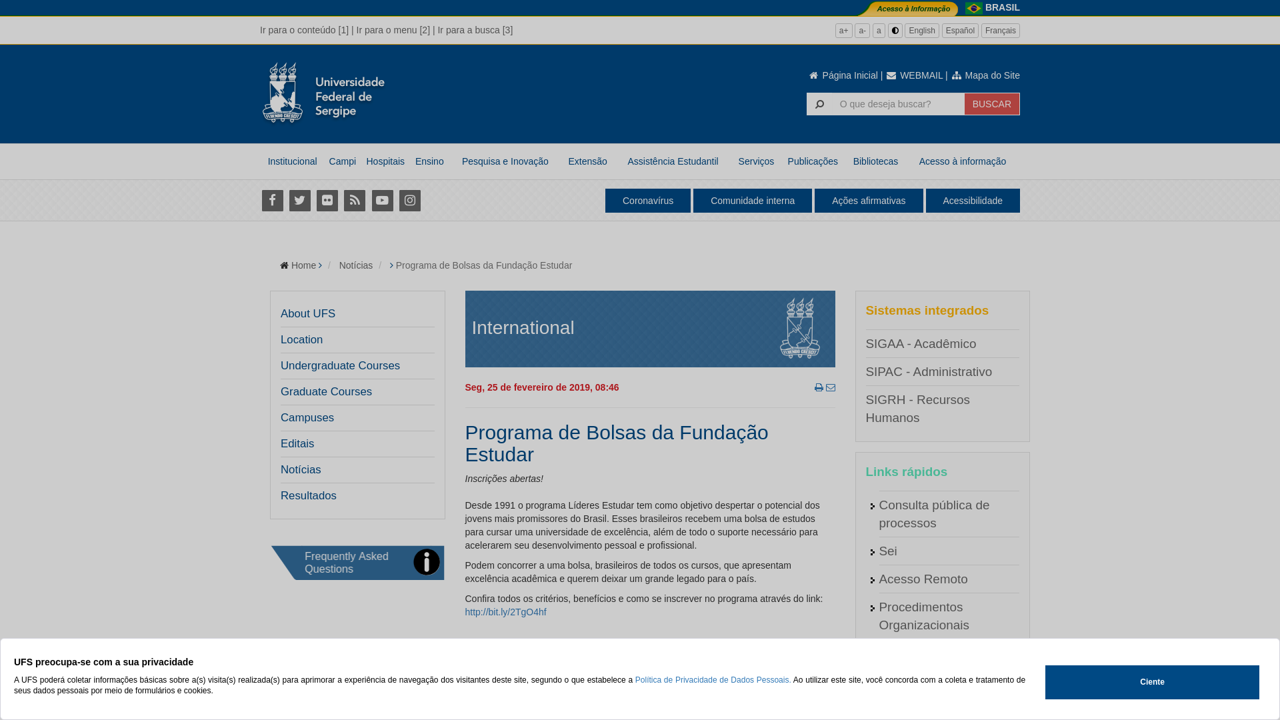 The image size is (1280, 720). Describe the element at coordinates (949, 75) in the screenshot. I see `'Mapa do Site'` at that location.